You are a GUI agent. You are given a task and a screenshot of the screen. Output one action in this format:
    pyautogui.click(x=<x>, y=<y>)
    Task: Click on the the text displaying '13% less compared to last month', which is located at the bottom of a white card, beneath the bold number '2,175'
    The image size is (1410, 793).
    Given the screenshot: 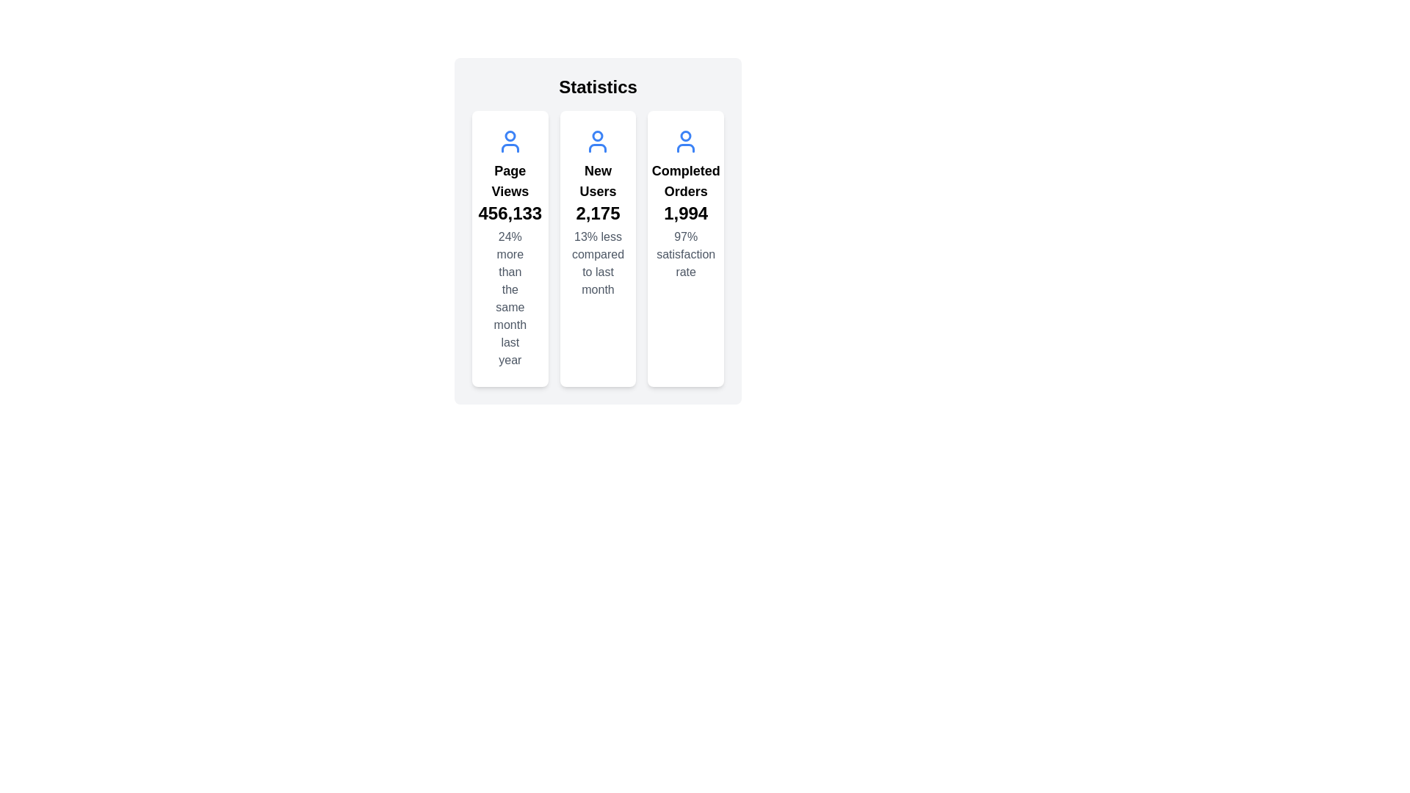 What is the action you would take?
    pyautogui.click(x=598, y=262)
    